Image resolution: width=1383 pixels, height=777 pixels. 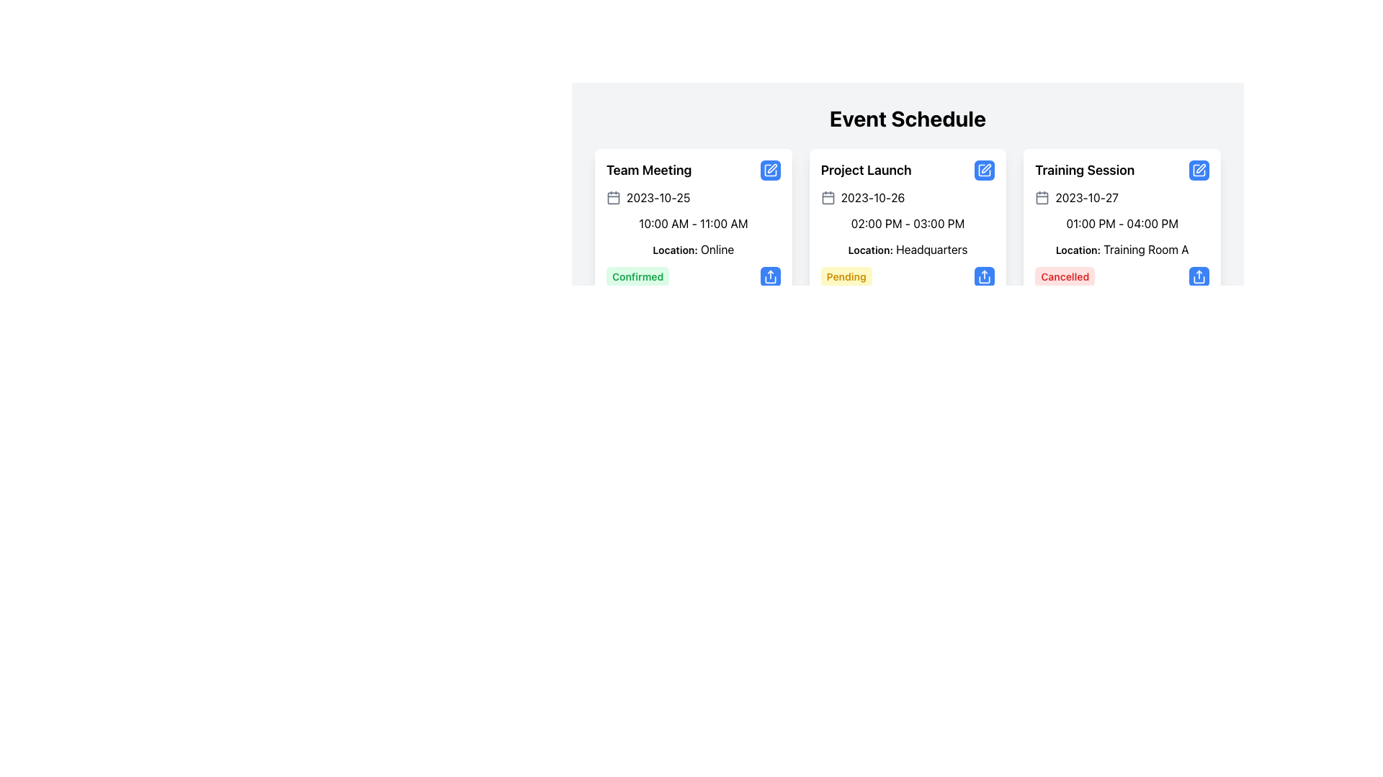 I want to click on the 'Training Session' text header with the accompanying pencil icon, so click(x=1122, y=169).